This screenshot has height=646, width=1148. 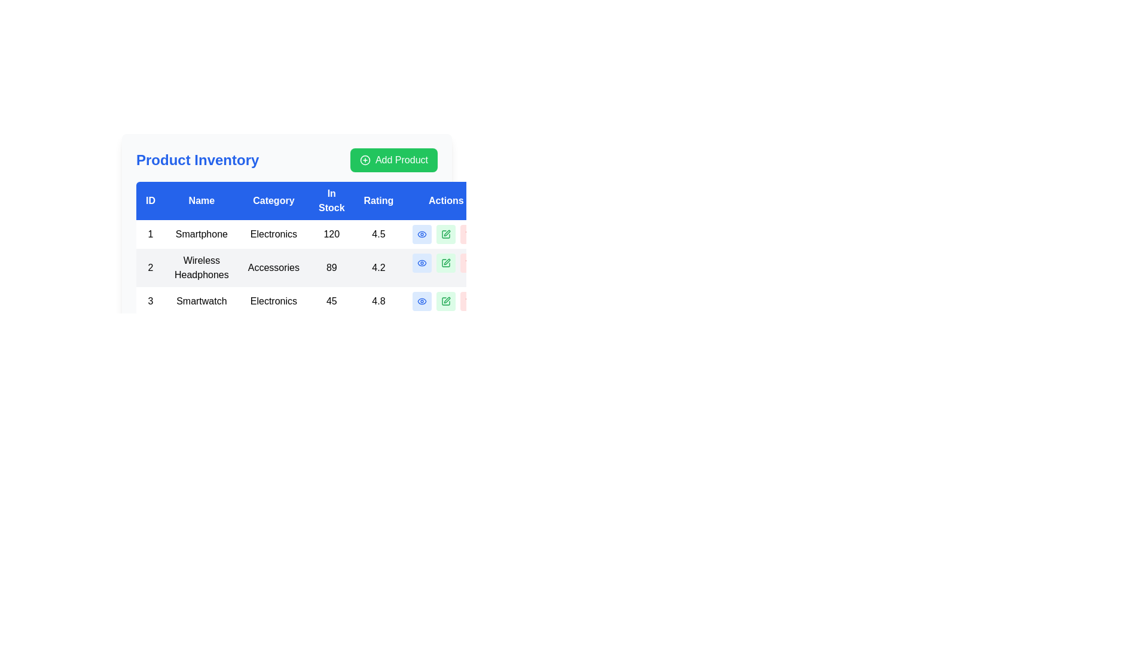 What do you see at coordinates (469, 301) in the screenshot?
I see `the delete button associated with the 'Smartwatch' product entry in the last row of the 'Actions' column to observe the hover effect` at bounding box center [469, 301].